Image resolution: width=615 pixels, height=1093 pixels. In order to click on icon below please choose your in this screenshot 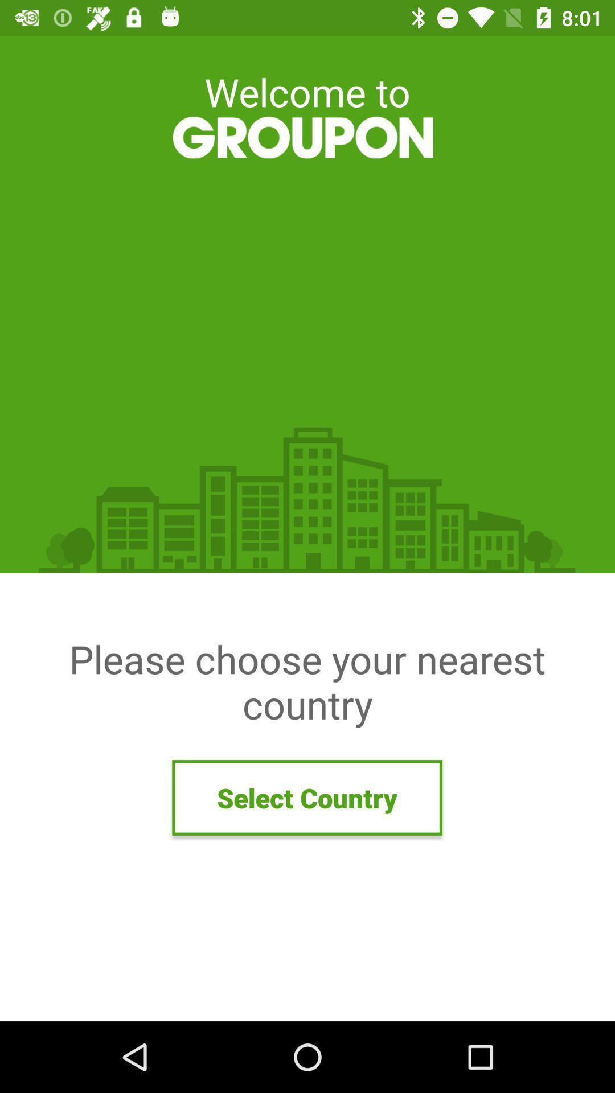, I will do `click(306, 797)`.